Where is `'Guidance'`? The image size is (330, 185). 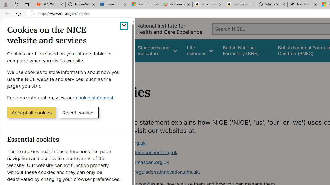 'Guidance' is located at coordinates (118, 51).